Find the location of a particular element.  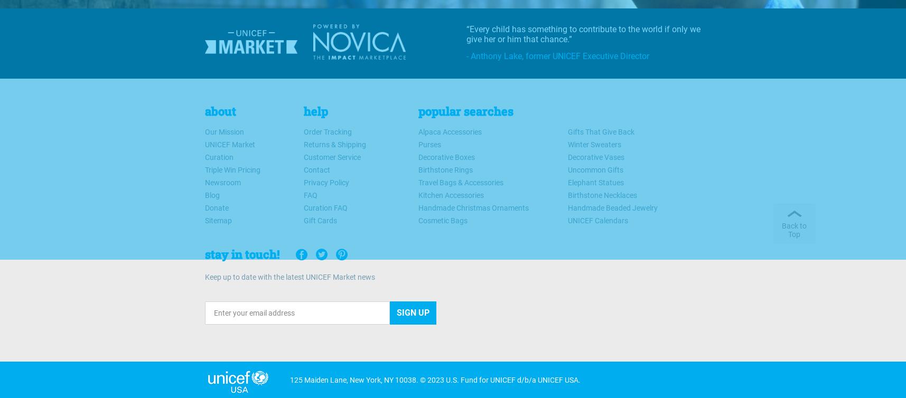

'Keep up to date with the latest UNICEF Market news' is located at coordinates (288, 277).